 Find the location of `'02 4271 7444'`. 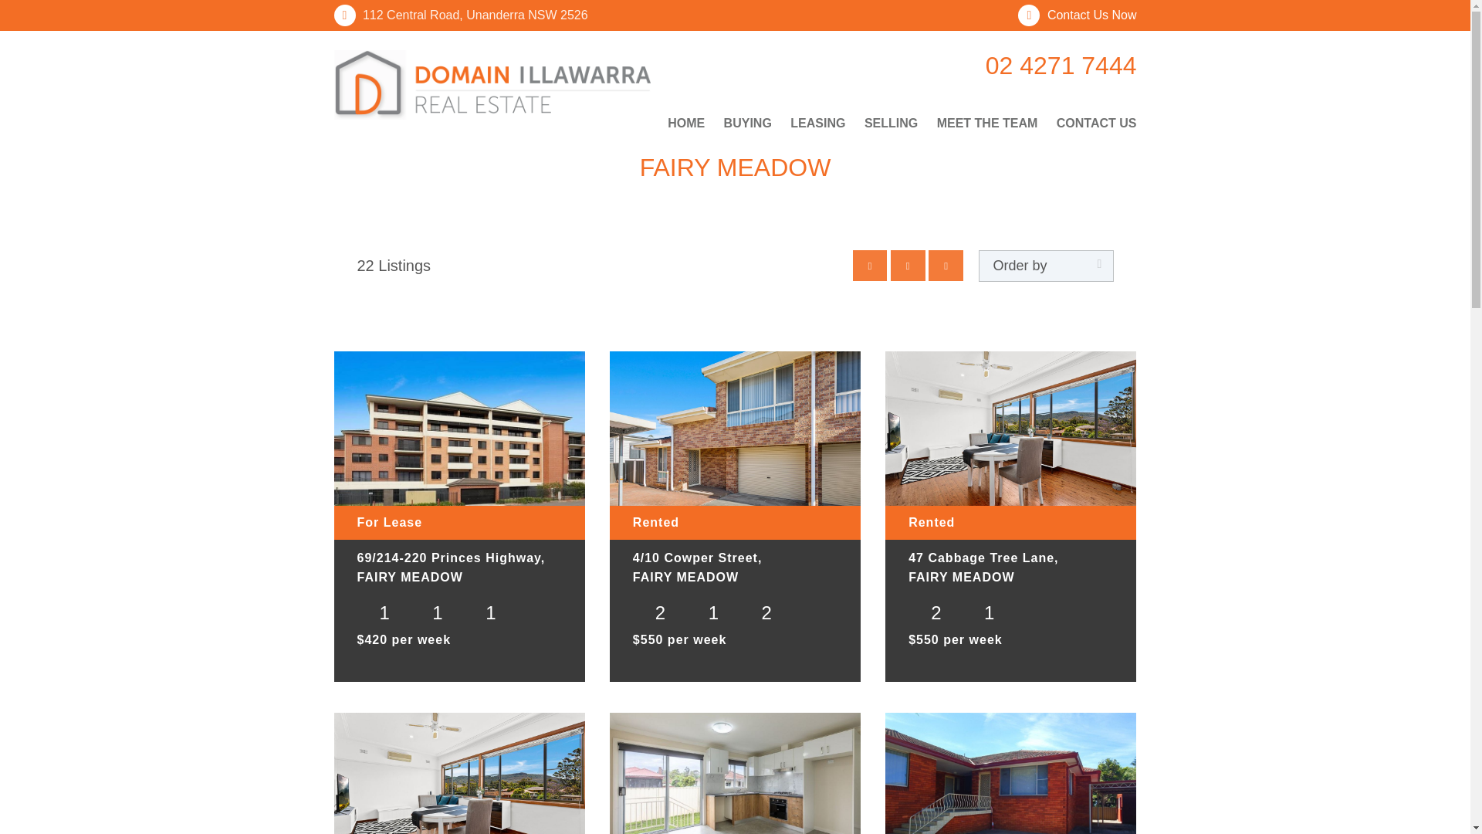

'02 4271 7444' is located at coordinates (1037, 64).